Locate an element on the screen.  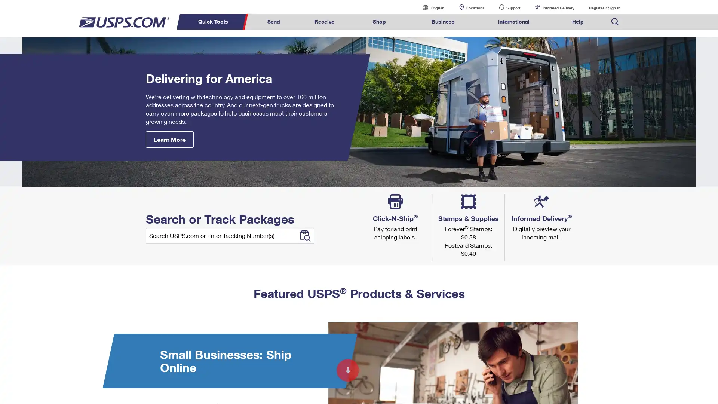
Search is located at coordinates (538, 202).